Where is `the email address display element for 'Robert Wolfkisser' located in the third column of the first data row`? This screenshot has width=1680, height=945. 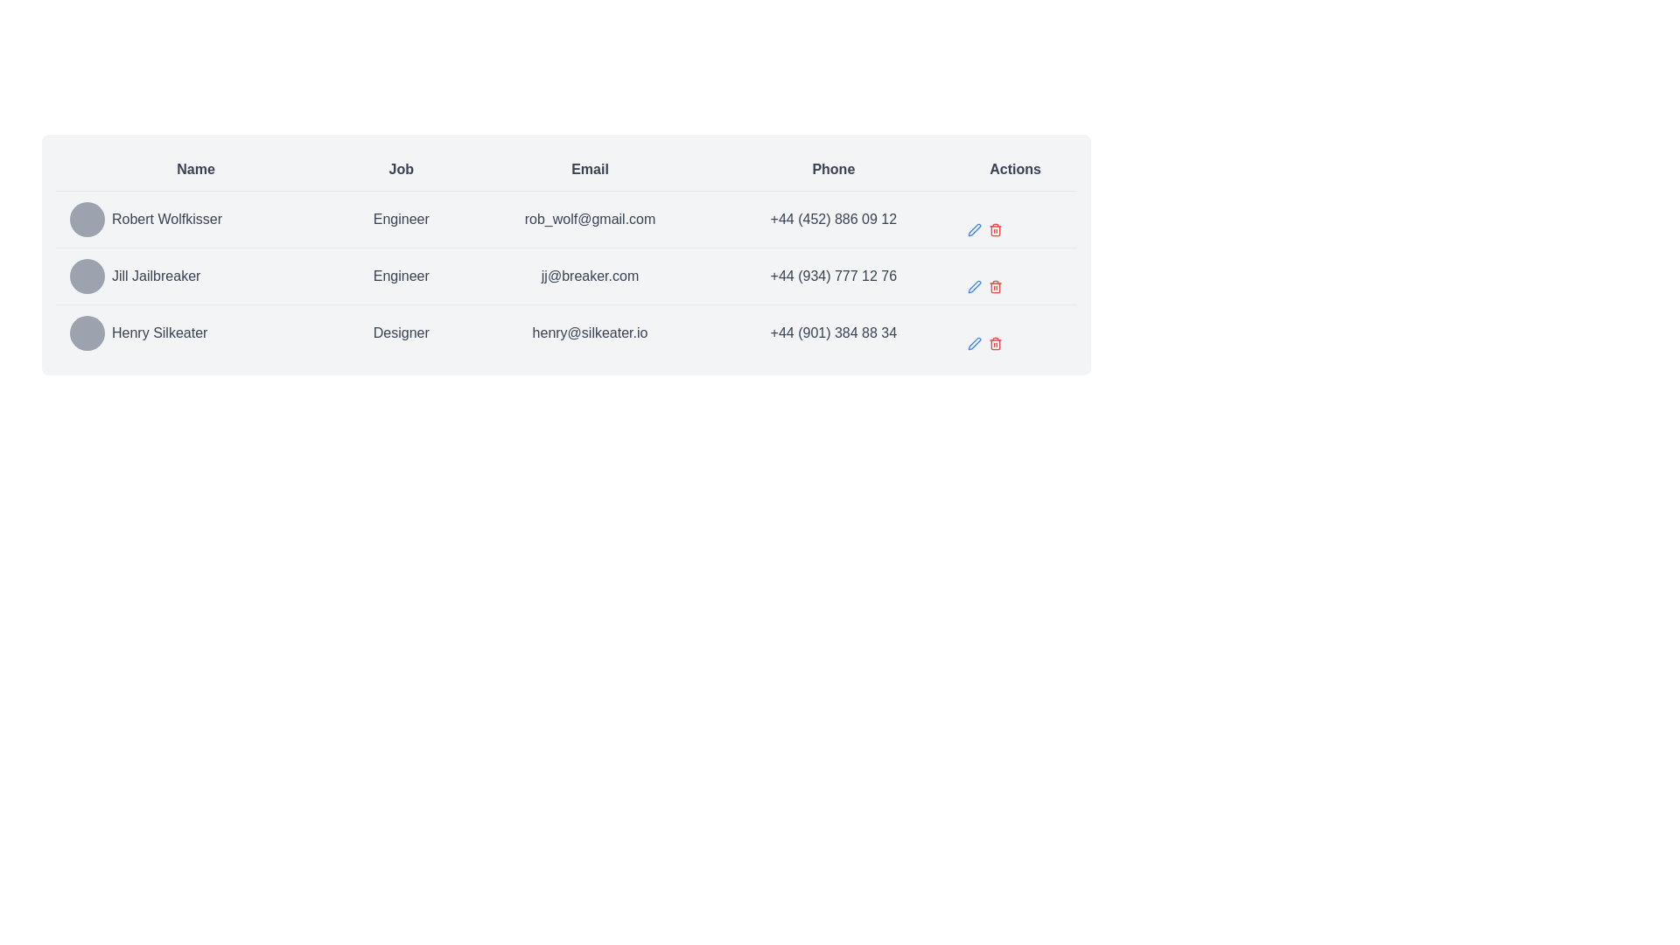
the email address display element for 'Robert Wolfkisser' located in the third column of the first data row is located at coordinates (590, 218).